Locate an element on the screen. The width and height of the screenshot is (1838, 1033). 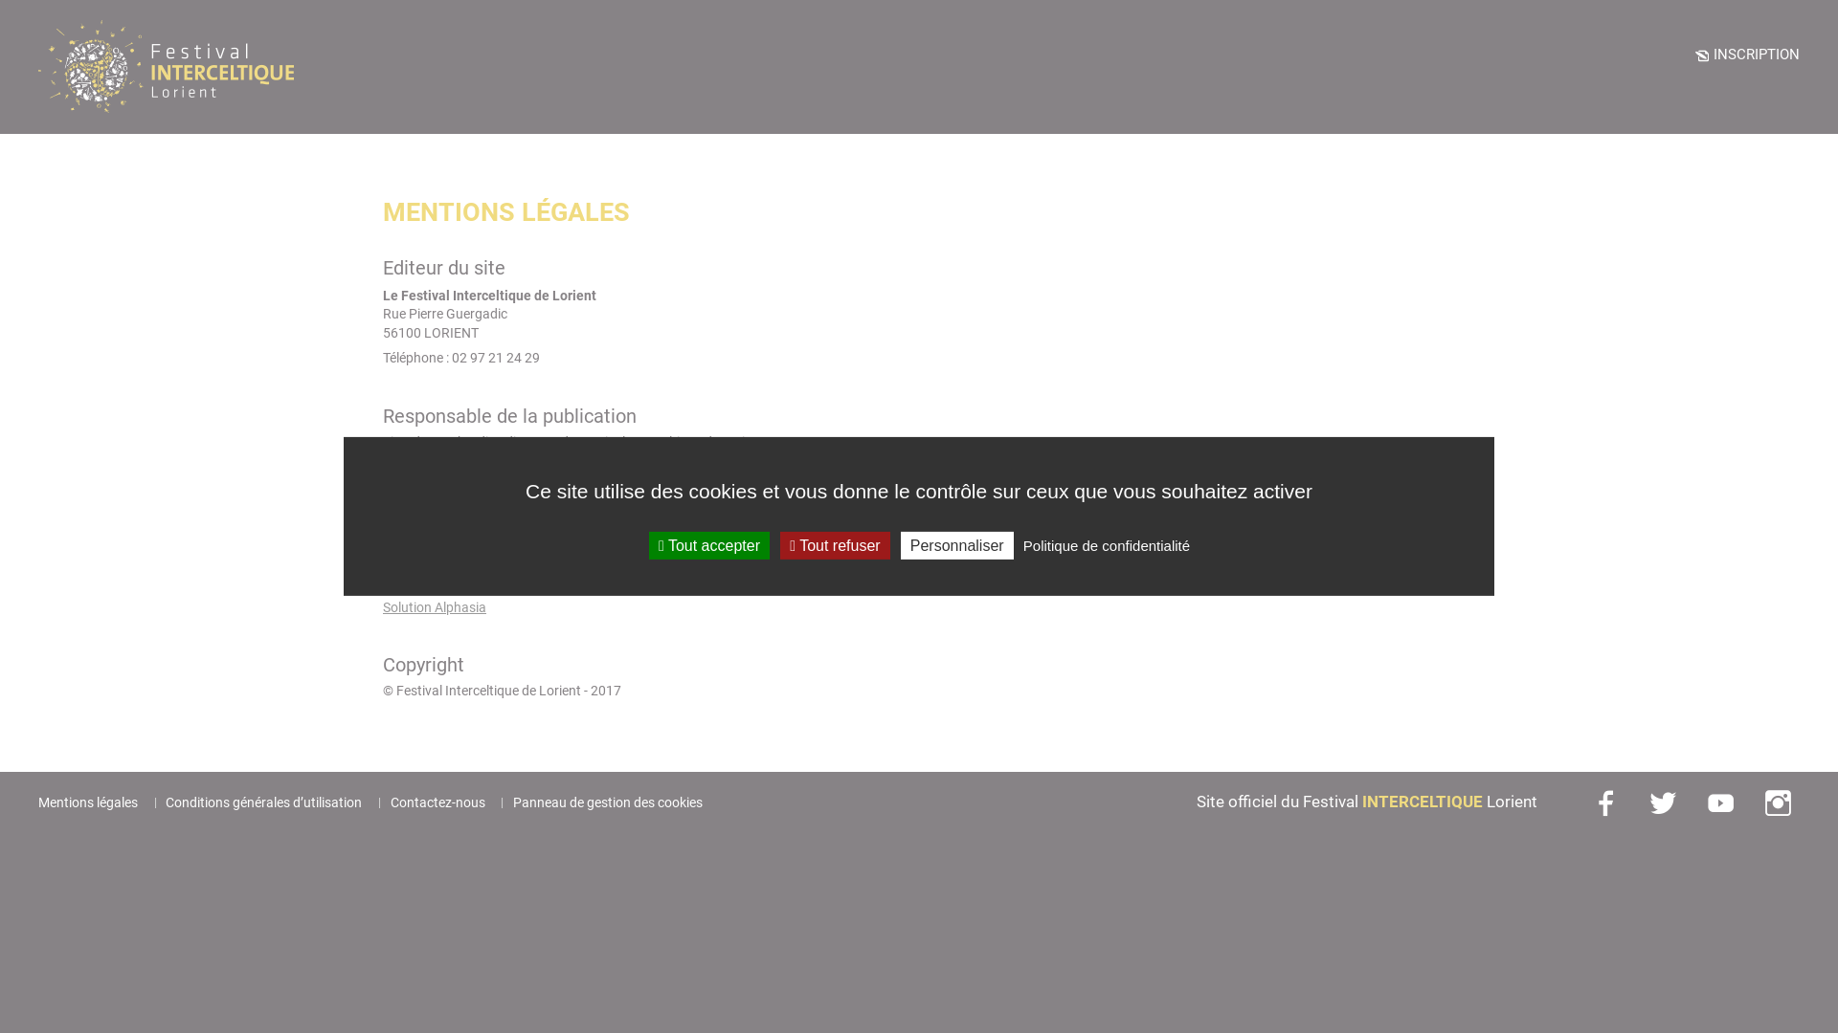
'Panneau de gestion des cookies' is located at coordinates (606, 802).